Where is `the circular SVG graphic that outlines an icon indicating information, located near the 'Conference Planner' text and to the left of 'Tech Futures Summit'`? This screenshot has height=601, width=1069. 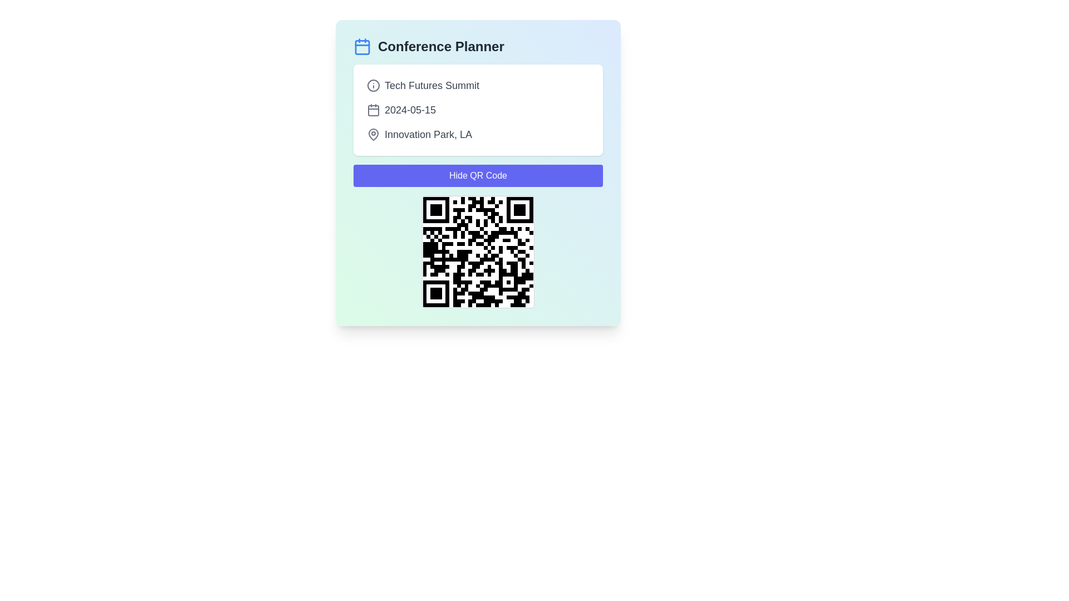
the circular SVG graphic that outlines an icon indicating information, located near the 'Conference Planner' text and to the left of 'Tech Futures Summit' is located at coordinates (374, 85).